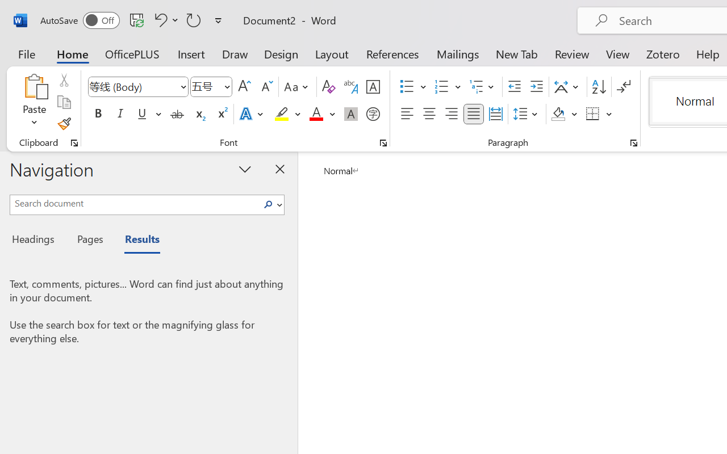 The height and width of the screenshot is (454, 727). What do you see at coordinates (564, 114) in the screenshot?
I see `'Shading'` at bounding box center [564, 114].